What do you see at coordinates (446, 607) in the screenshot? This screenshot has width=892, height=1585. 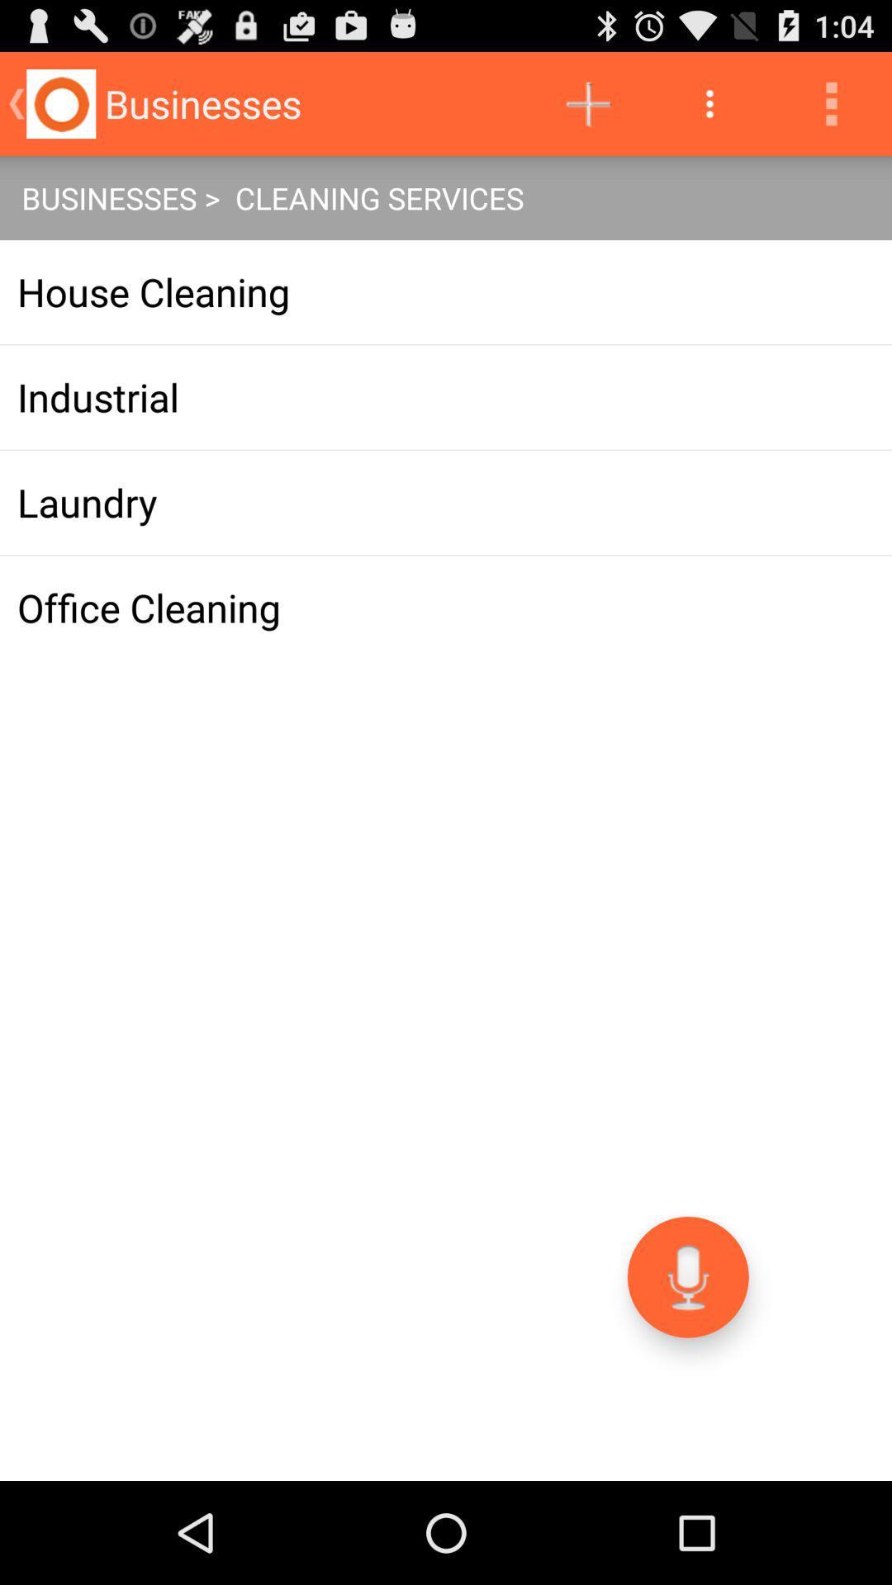 I see `office cleaning` at bounding box center [446, 607].